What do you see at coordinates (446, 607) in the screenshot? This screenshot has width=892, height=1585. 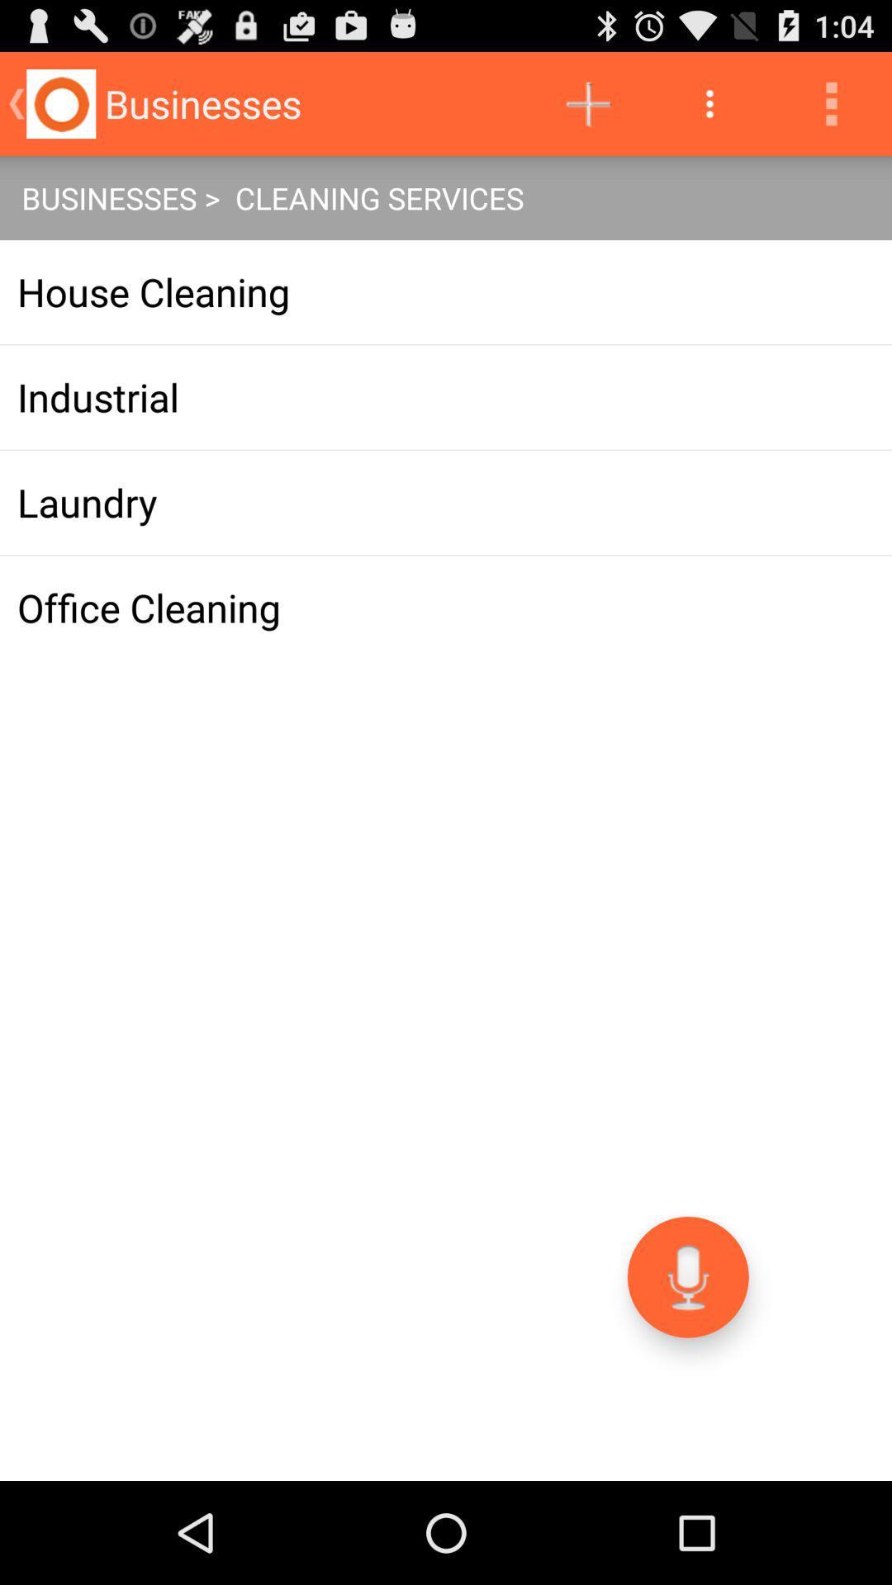 I see `office cleaning` at bounding box center [446, 607].